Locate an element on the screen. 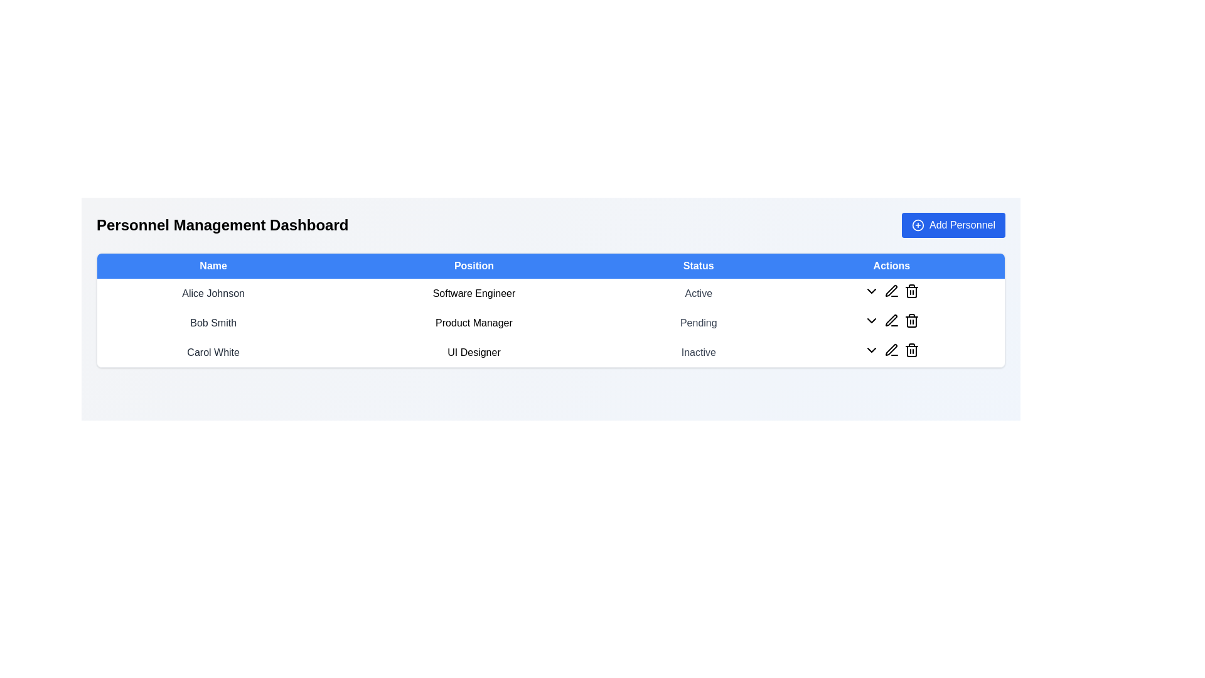 This screenshot has height=678, width=1205. the 'Name' header text label, which is a blue rectangular box with white text, located in the top-left corner of the table header row is located at coordinates (213, 266).